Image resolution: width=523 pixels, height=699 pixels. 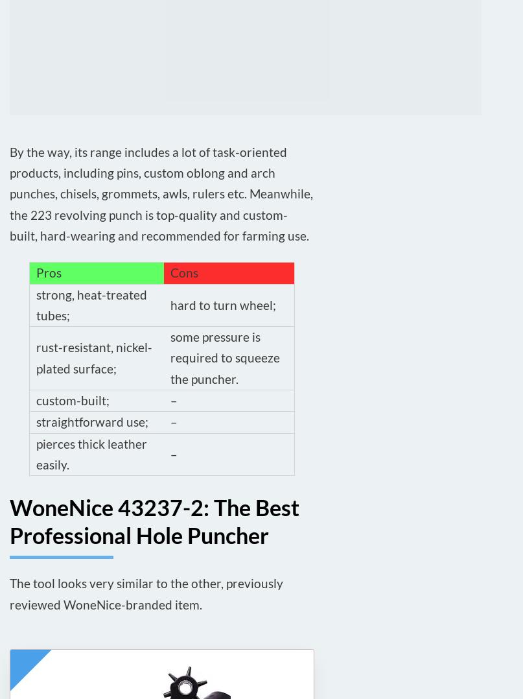 I want to click on 'custom-built;', so click(x=72, y=399).